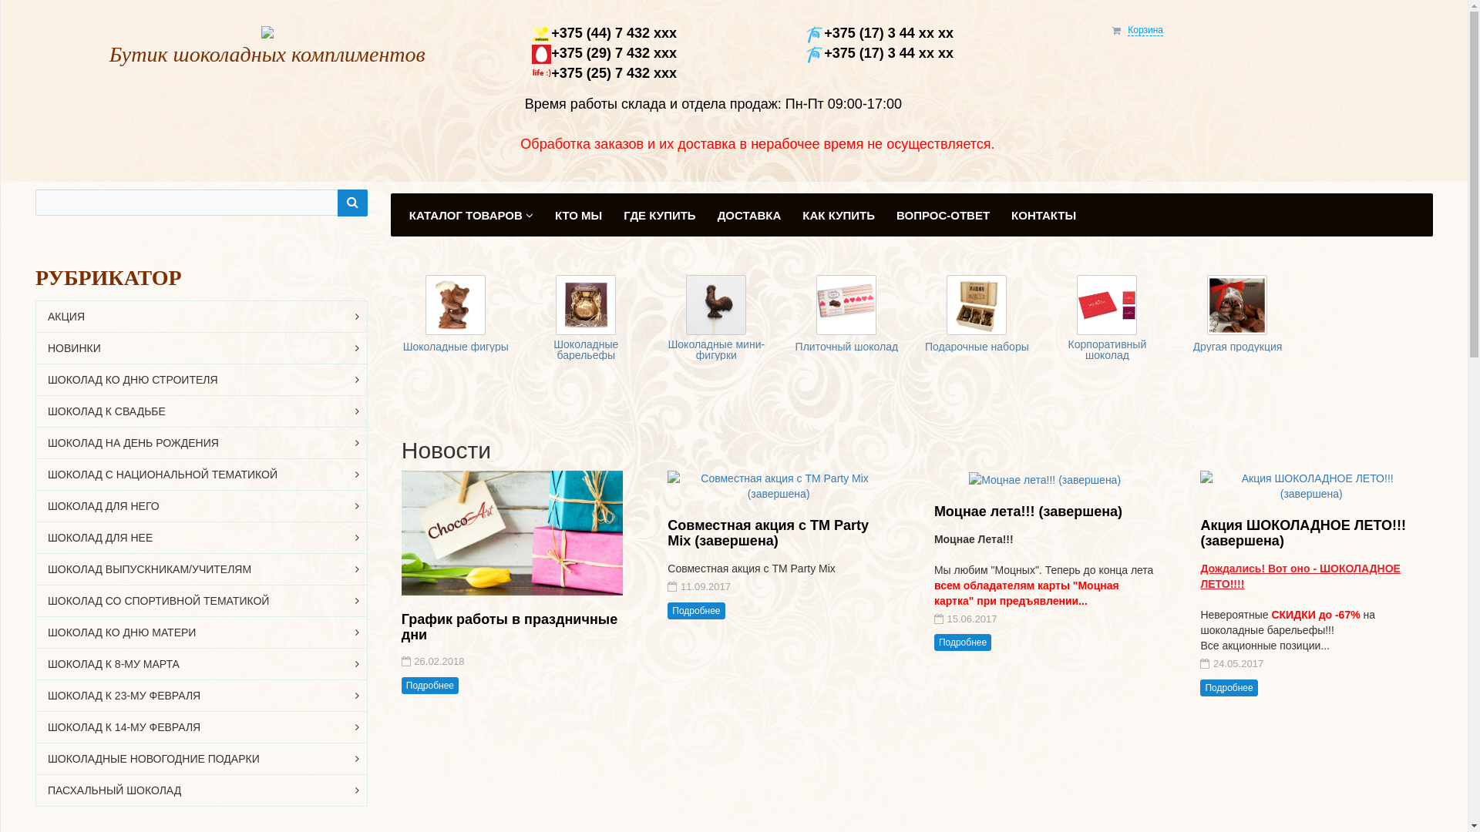 This screenshot has width=1480, height=832. What do you see at coordinates (541, 53) in the screenshot?
I see `'mts.png'` at bounding box center [541, 53].